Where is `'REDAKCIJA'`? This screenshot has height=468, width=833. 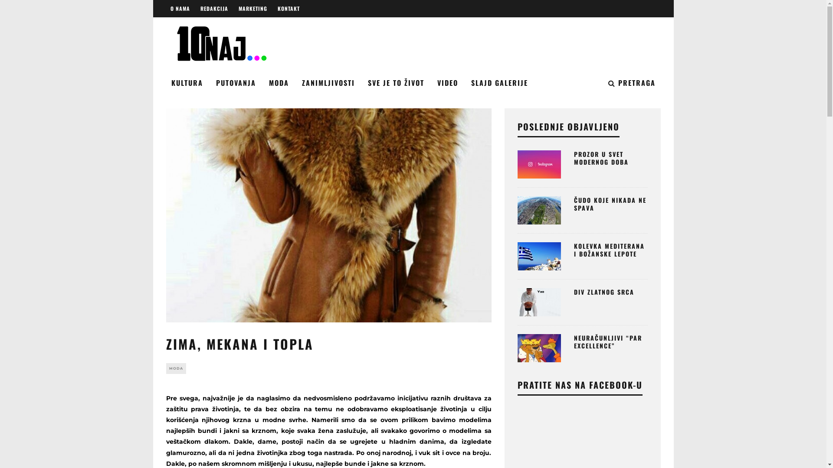 'REDAKCIJA' is located at coordinates (214, 8).